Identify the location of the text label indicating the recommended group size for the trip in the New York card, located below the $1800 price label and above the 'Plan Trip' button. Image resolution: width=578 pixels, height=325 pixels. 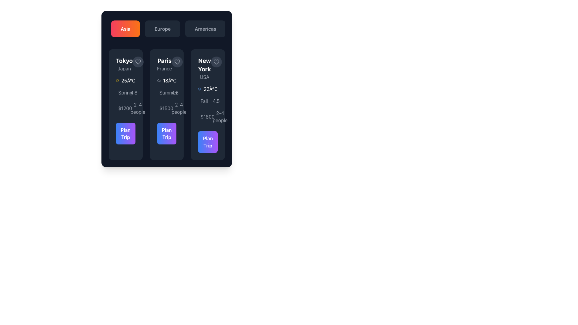
(220, 117).